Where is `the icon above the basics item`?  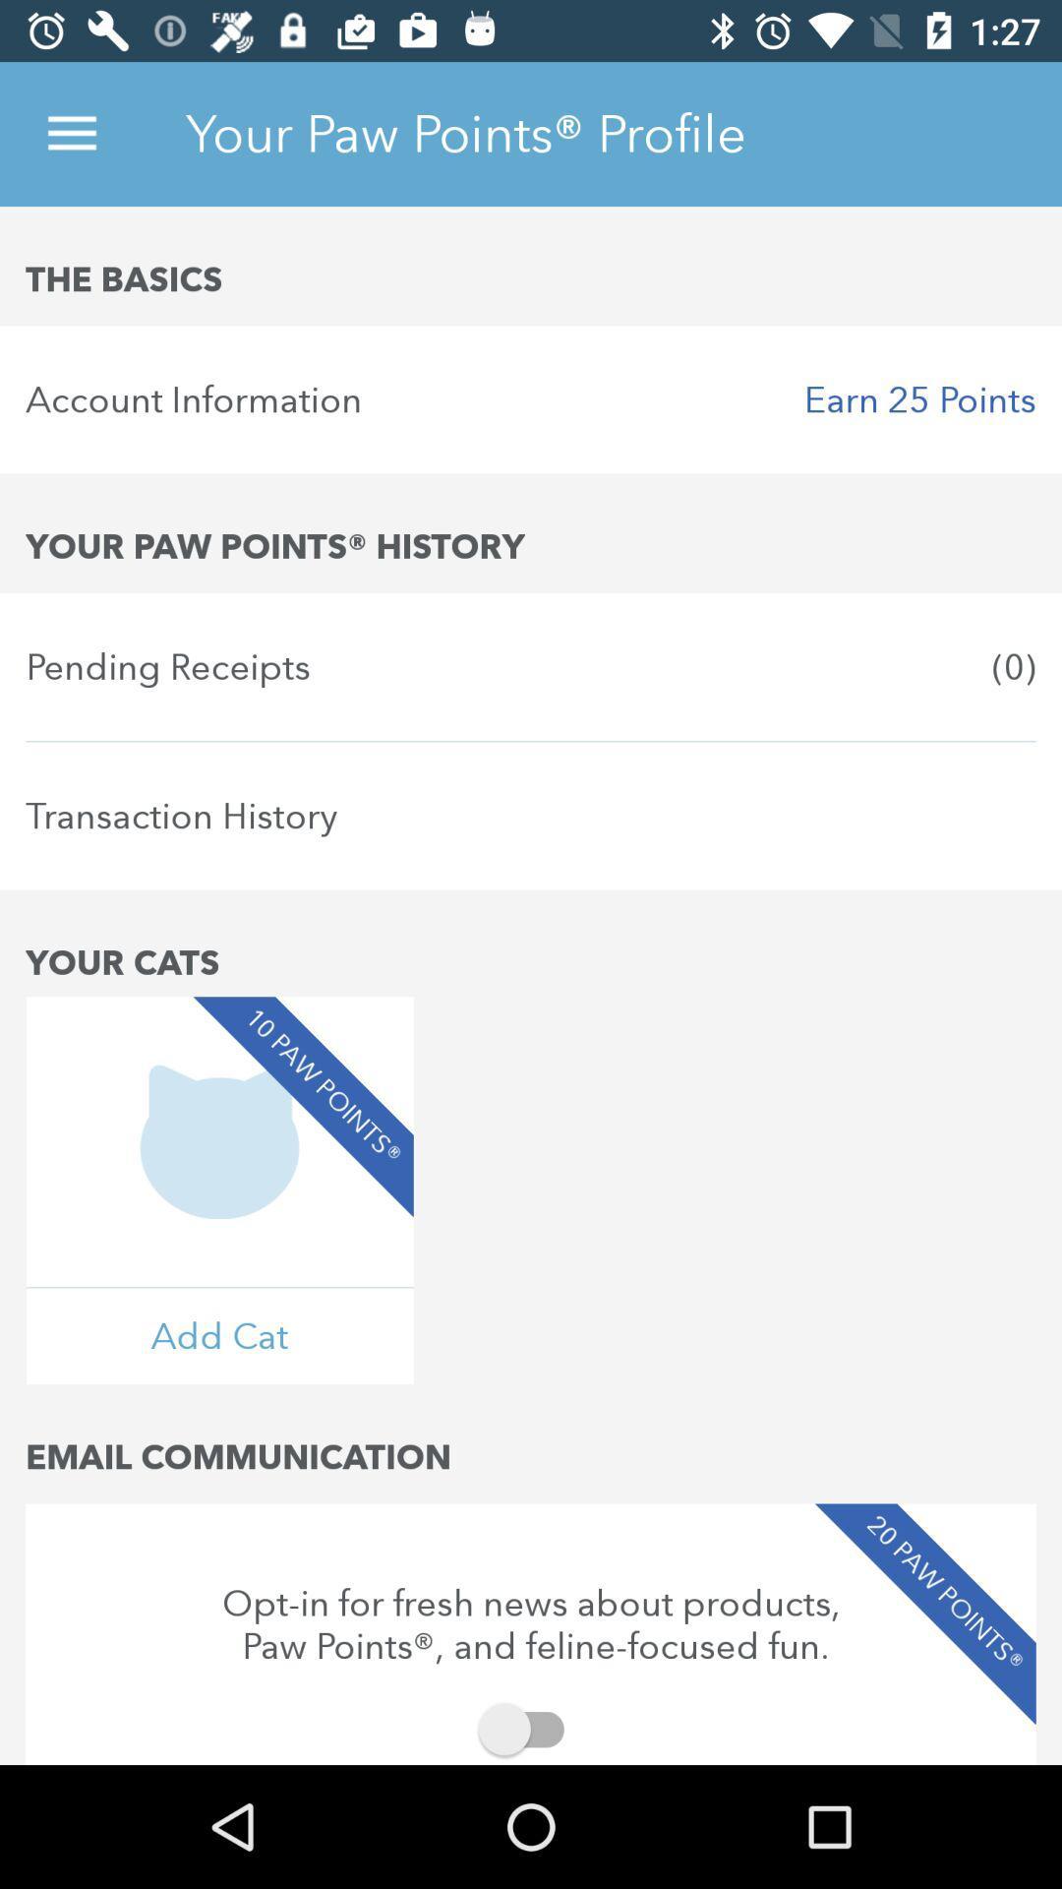
the icon above the basics item is located at coordinates (71, 133).